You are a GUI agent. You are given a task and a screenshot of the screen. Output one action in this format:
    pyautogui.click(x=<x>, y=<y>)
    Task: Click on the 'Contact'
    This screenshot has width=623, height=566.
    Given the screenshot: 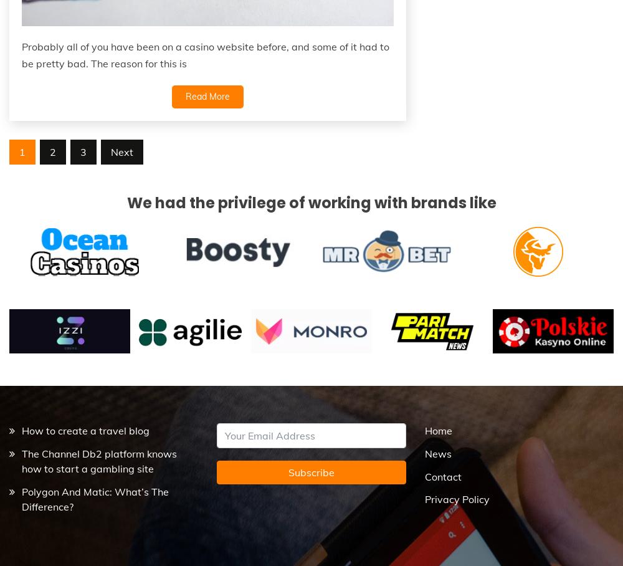 What is the action you would take?
    pyautogui.click(x=442, y=475)
    